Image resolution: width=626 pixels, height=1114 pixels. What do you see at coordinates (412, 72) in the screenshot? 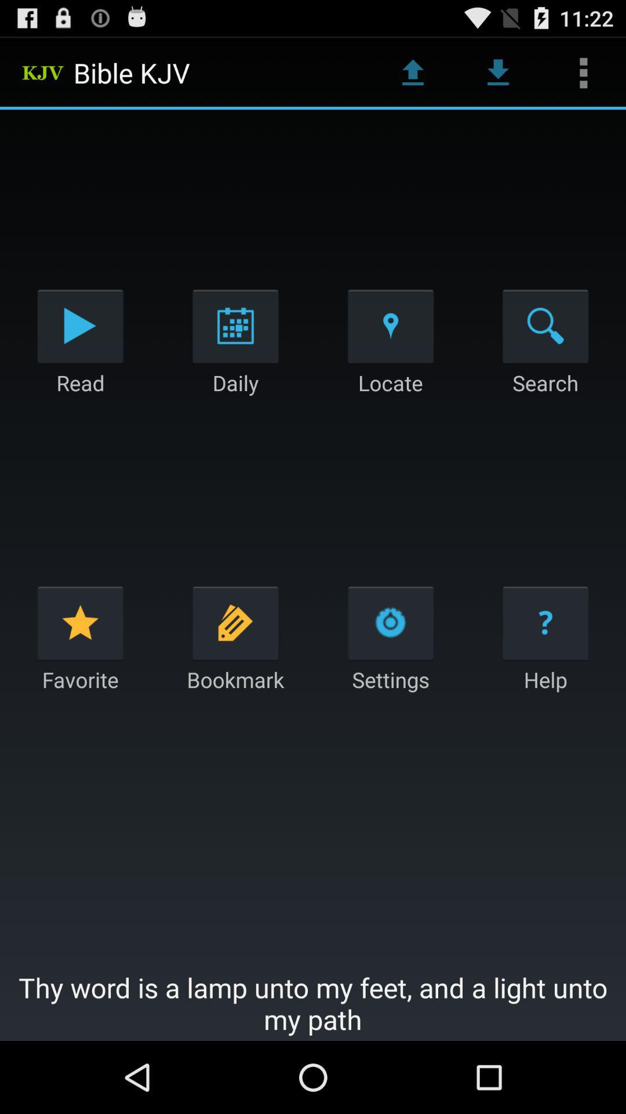
I see `the item to the right of the bible kjv` at bounding box center [412, 72].